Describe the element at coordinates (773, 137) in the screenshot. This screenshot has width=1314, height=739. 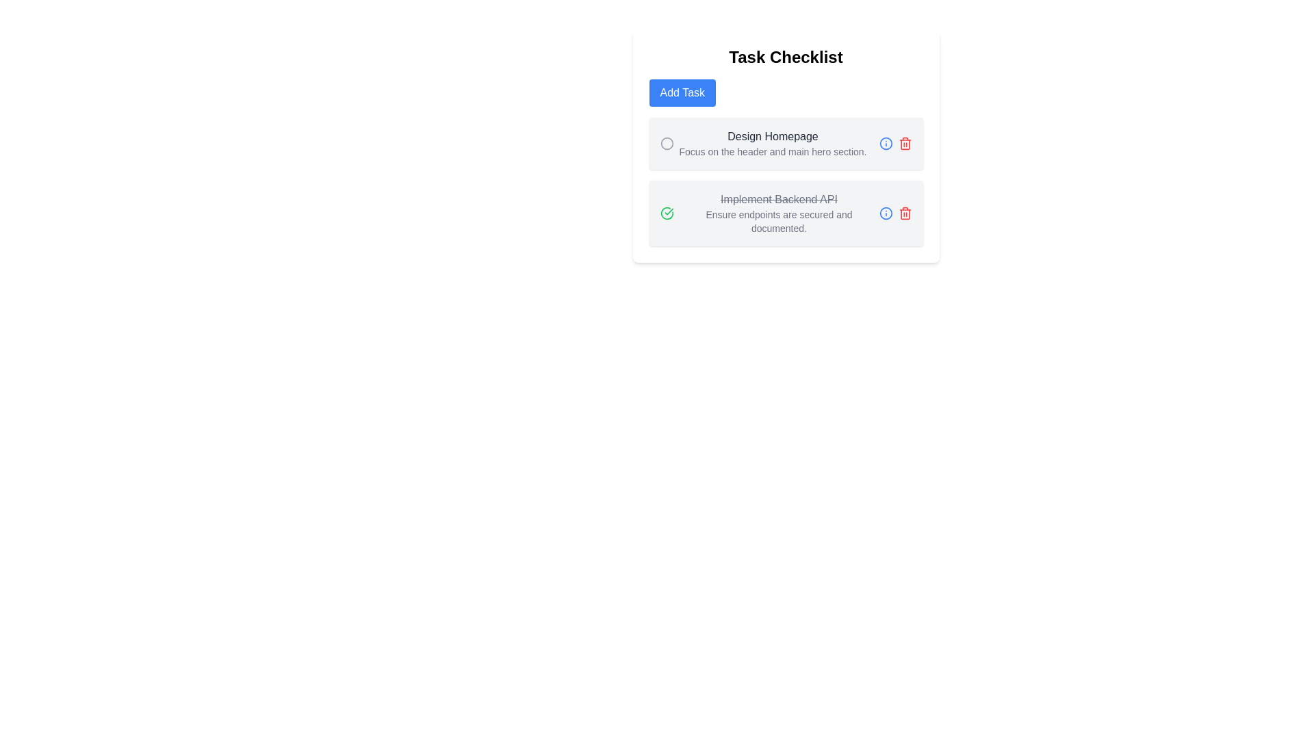
I see `the static text element displaying 'Design Homepage' which is part of the first task in the checklist, positioned above the supporting text and below a circle` at that location.